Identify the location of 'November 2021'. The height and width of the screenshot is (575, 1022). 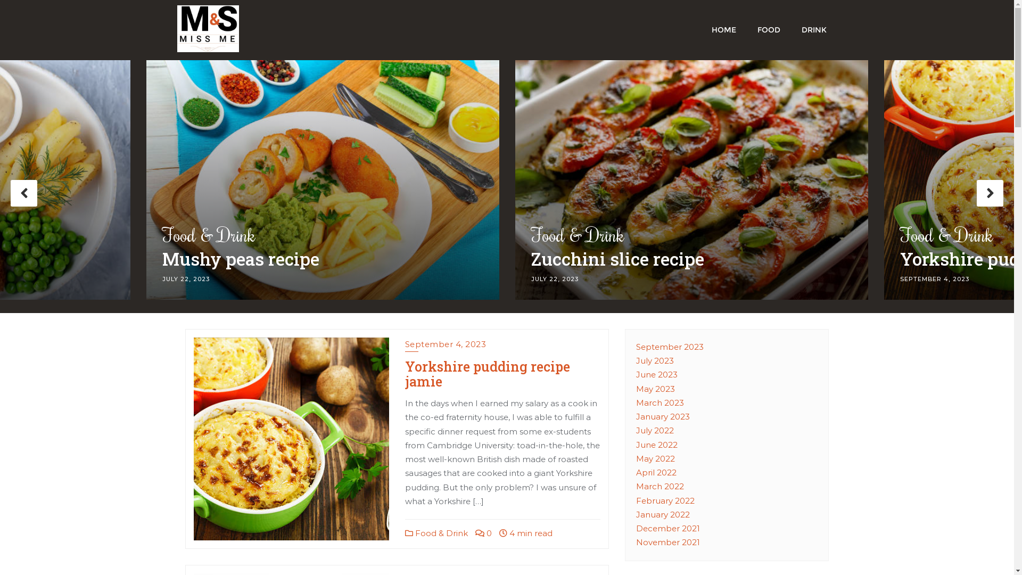
(667, 542).